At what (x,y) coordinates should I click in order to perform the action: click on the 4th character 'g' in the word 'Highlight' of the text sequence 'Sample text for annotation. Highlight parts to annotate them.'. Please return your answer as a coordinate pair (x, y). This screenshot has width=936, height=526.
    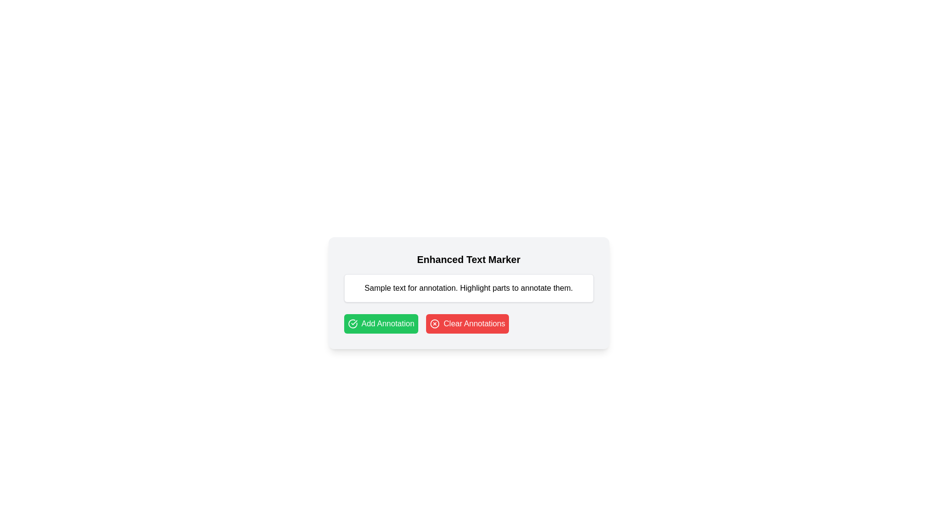
    Looking at the image, I should click on (474, 287).